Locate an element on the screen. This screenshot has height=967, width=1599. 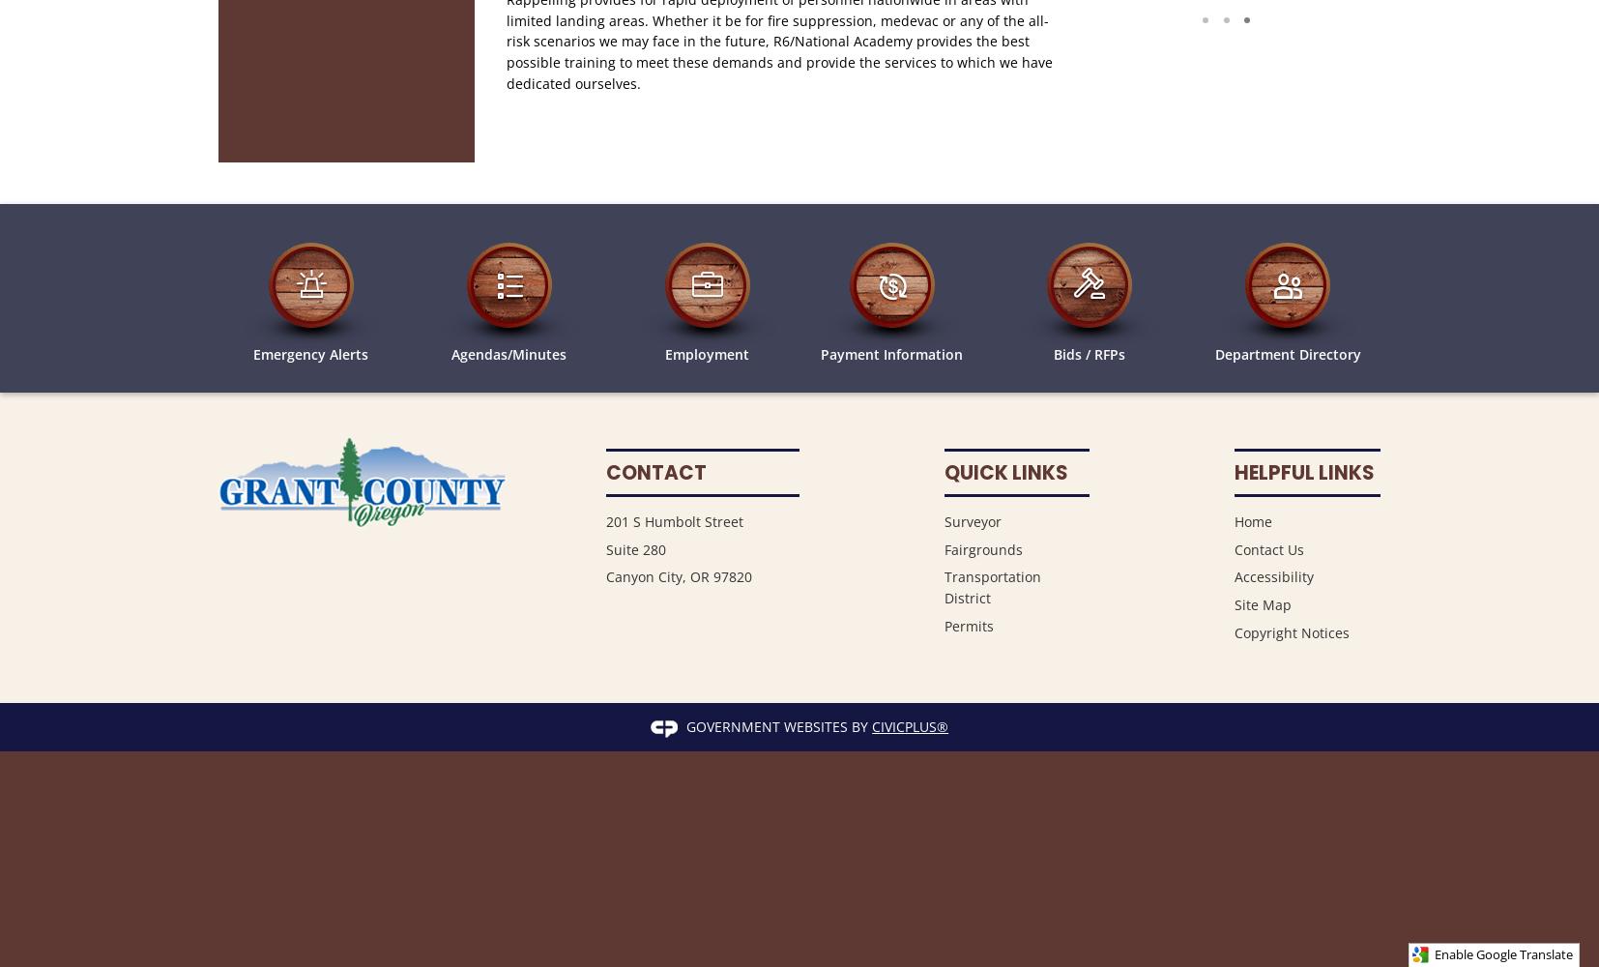
'Agendas/Minutes' is located at coordinates (509, 352).